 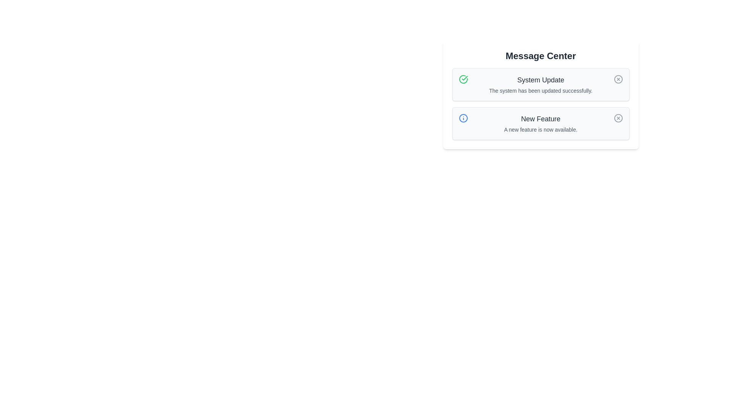 What do you see at coordinates (540, 119) in the screenshot?
I see `the 'New Feature' text label in the notification card, which is prominently displayed in the center of the Message Center interface` at bounding box center [540, 119].